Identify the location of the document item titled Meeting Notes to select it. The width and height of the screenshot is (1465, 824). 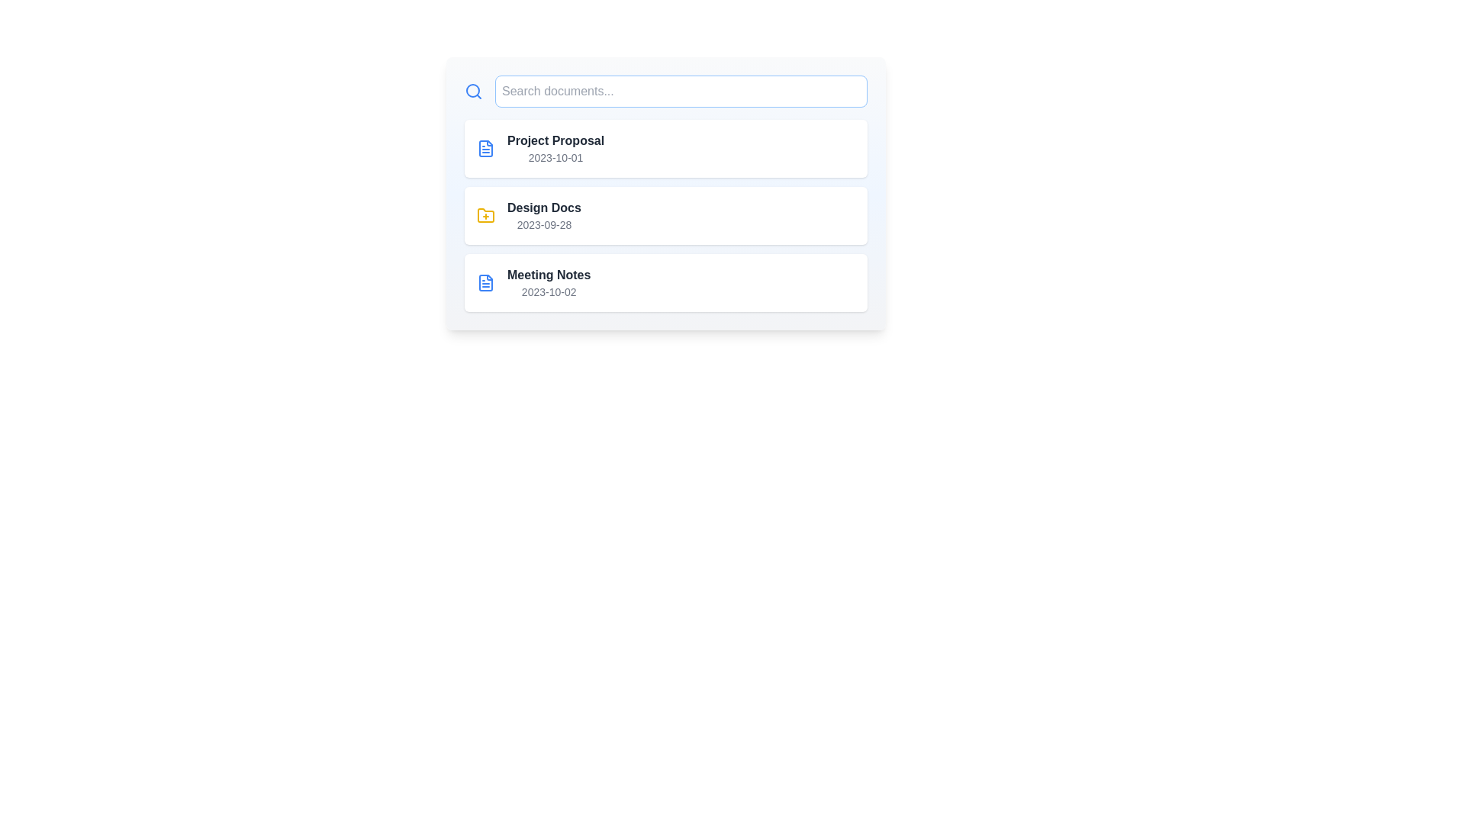
(666, 282).